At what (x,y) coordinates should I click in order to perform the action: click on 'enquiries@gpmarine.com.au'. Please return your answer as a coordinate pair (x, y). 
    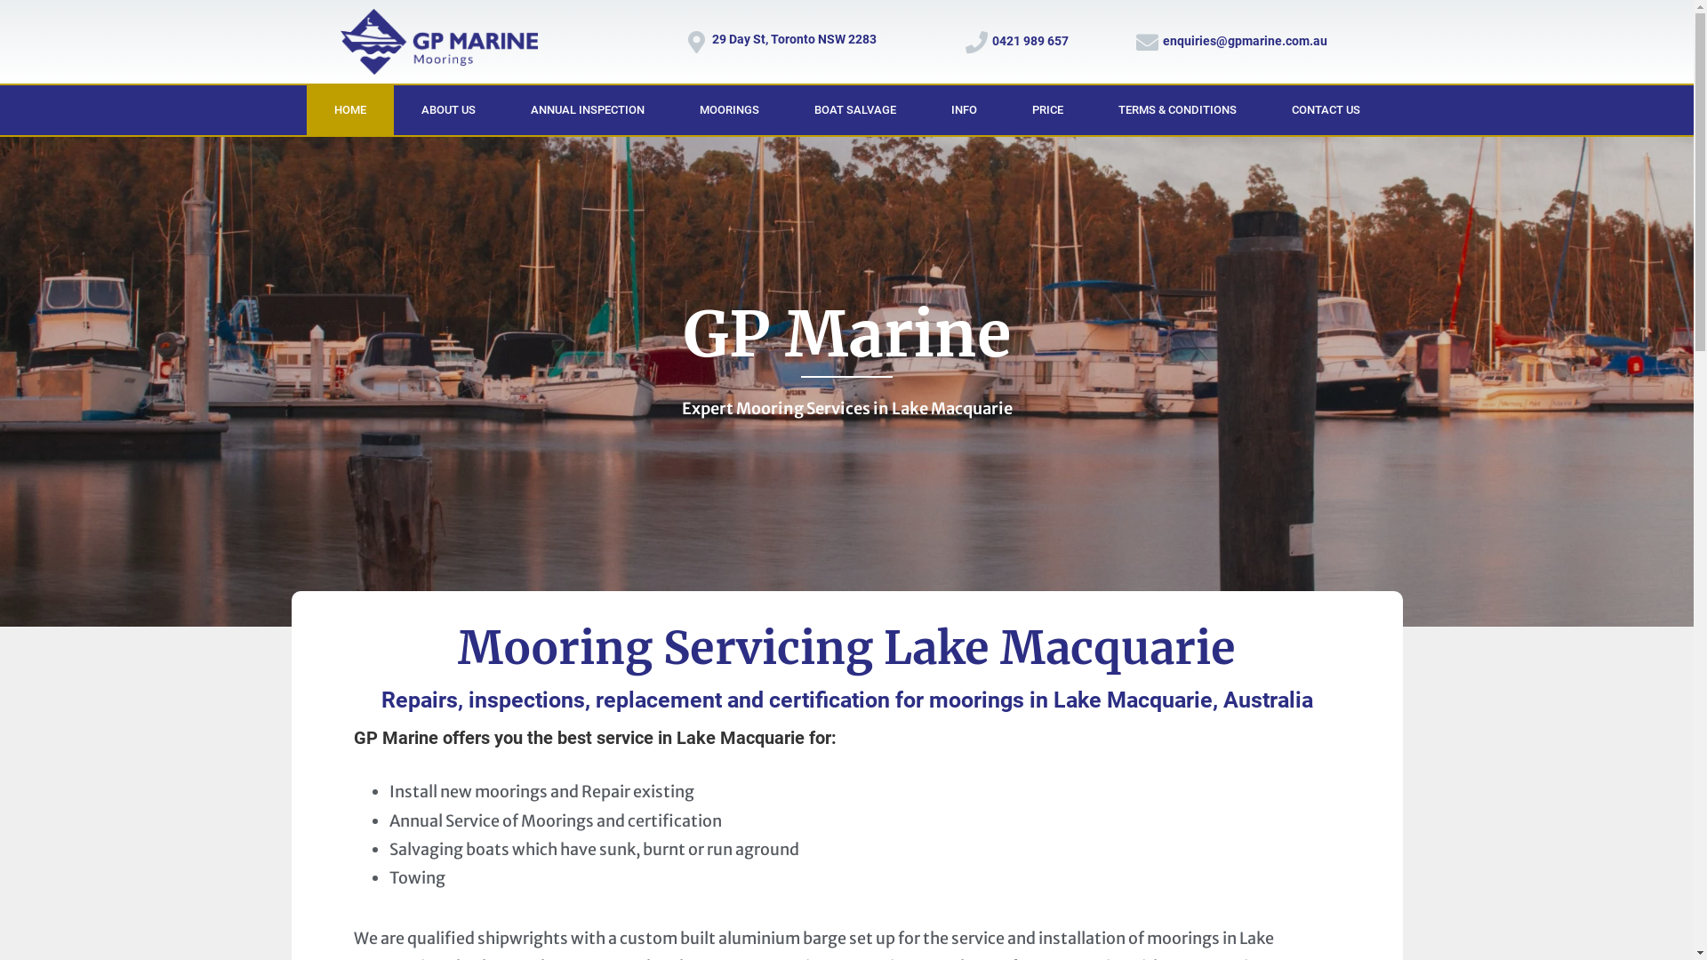
    Looking at the image, I should click on (1163, 40).